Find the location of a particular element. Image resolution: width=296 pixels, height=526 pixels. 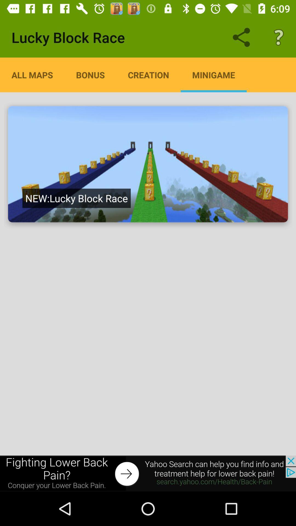

minigame right to creation is located at coordinates (213, 75).